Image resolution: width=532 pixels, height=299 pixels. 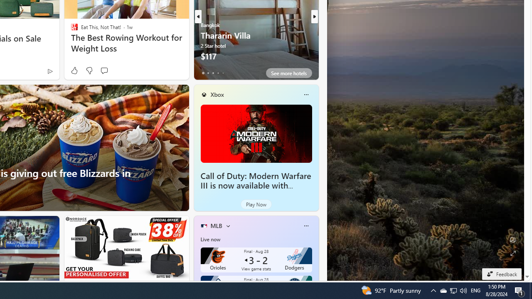 What do you see at coordinates (228, 225) in the screenshot?
I see `'More interests'` at bounding box center [228, 225].